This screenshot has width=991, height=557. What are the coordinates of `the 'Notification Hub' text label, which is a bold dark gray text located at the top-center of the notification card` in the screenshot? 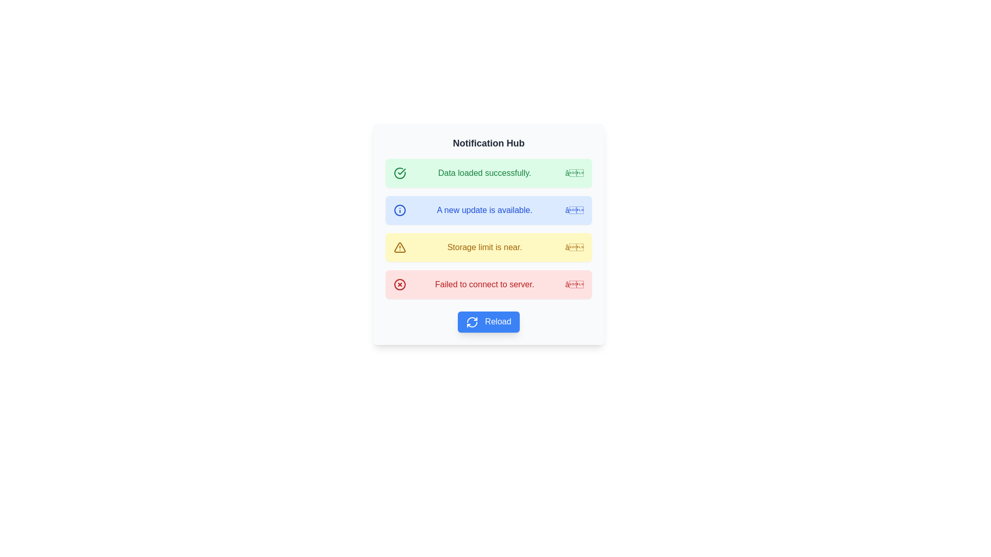 It's located at (488, 143).